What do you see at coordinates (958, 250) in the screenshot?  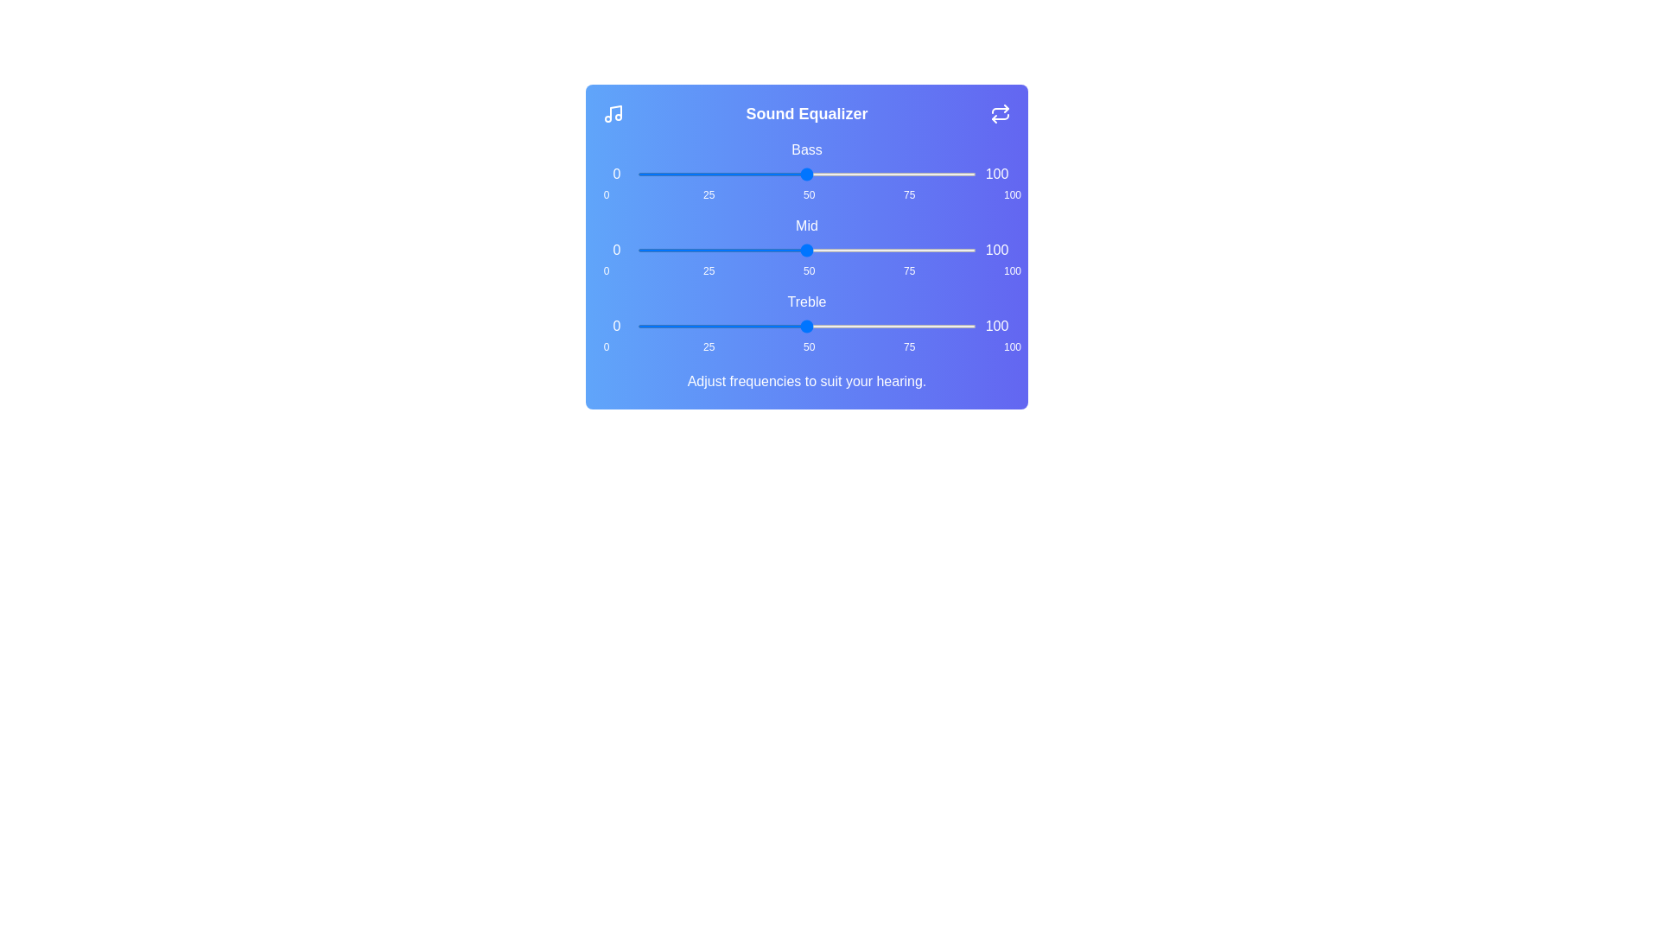 I see `the 'mid' slider to 95` at bounding box center [958, 250].